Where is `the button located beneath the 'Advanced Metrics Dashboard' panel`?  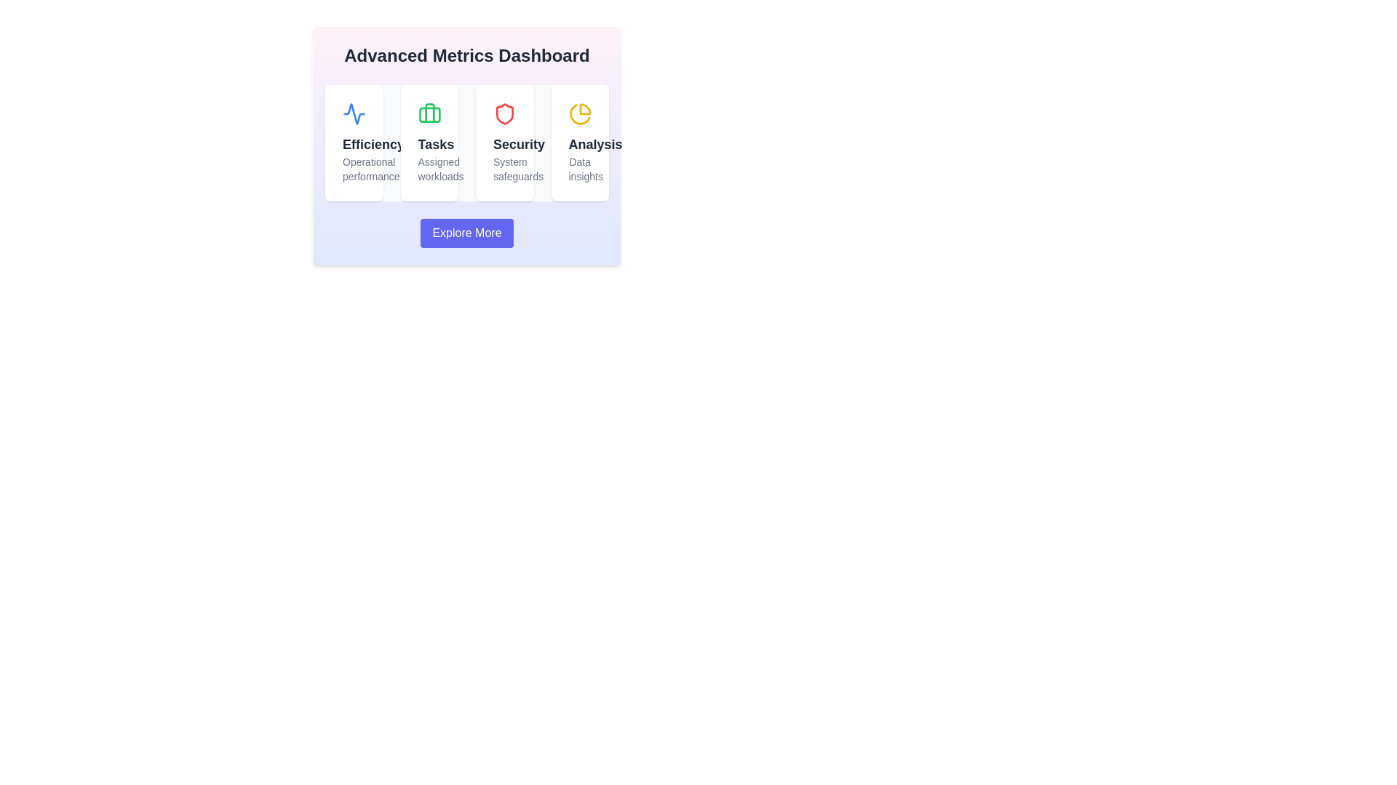
the button located beneath the 'Advanced Metrics Dashboard' panel is located at coordinates (467, 232).